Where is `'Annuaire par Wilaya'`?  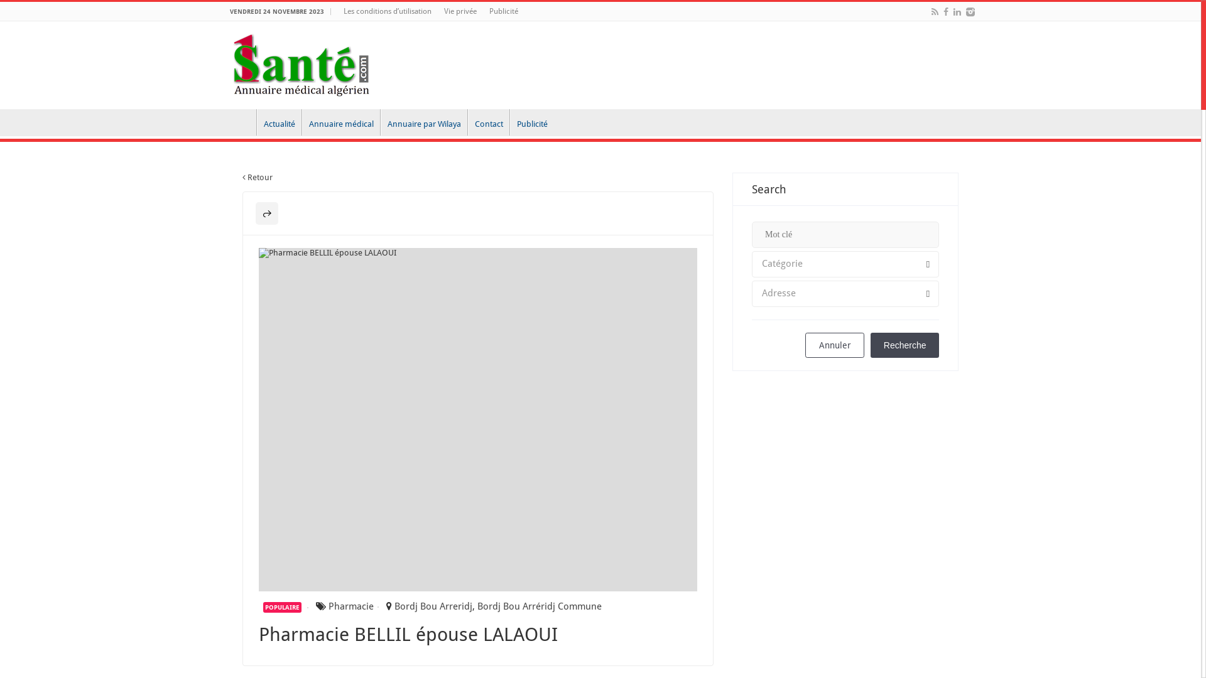 'Annuaire par Wilaya' is located at coordinates (379, 122).